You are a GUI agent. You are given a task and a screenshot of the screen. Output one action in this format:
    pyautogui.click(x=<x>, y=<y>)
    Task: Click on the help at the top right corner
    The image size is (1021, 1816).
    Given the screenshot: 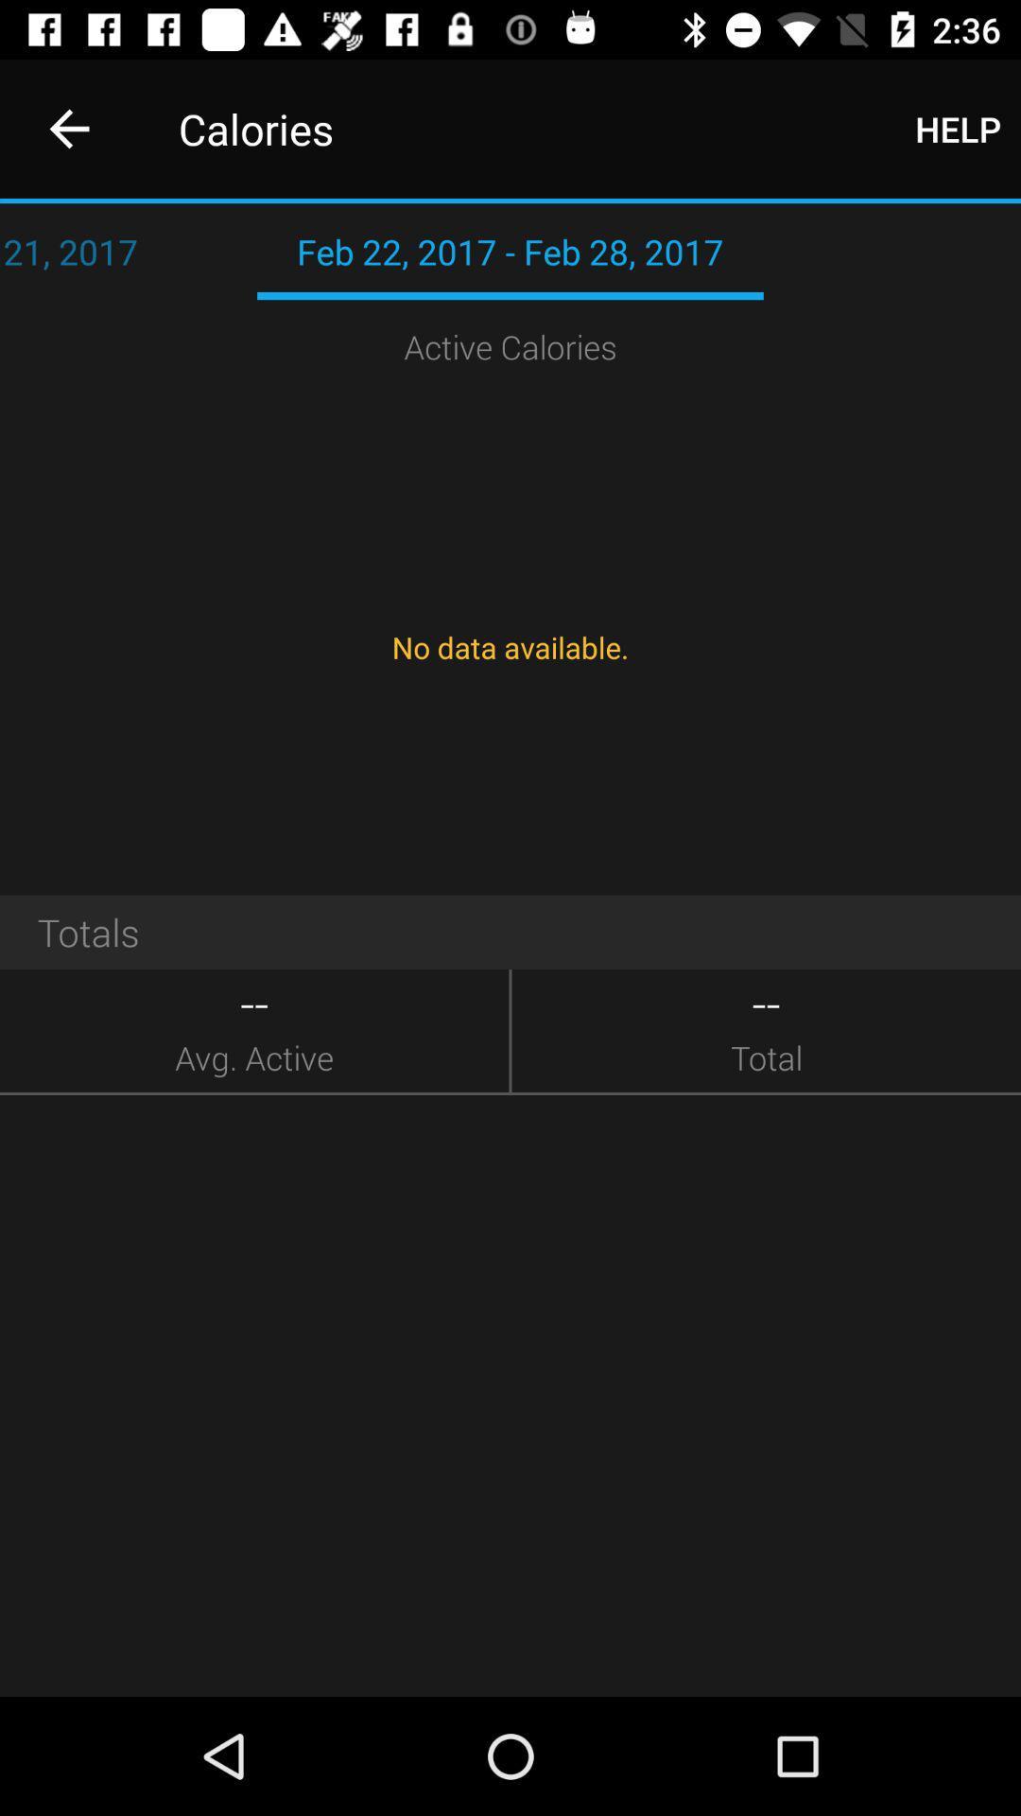 What is the action you would take?
    pyautogui.click(x=958, y=128)
    